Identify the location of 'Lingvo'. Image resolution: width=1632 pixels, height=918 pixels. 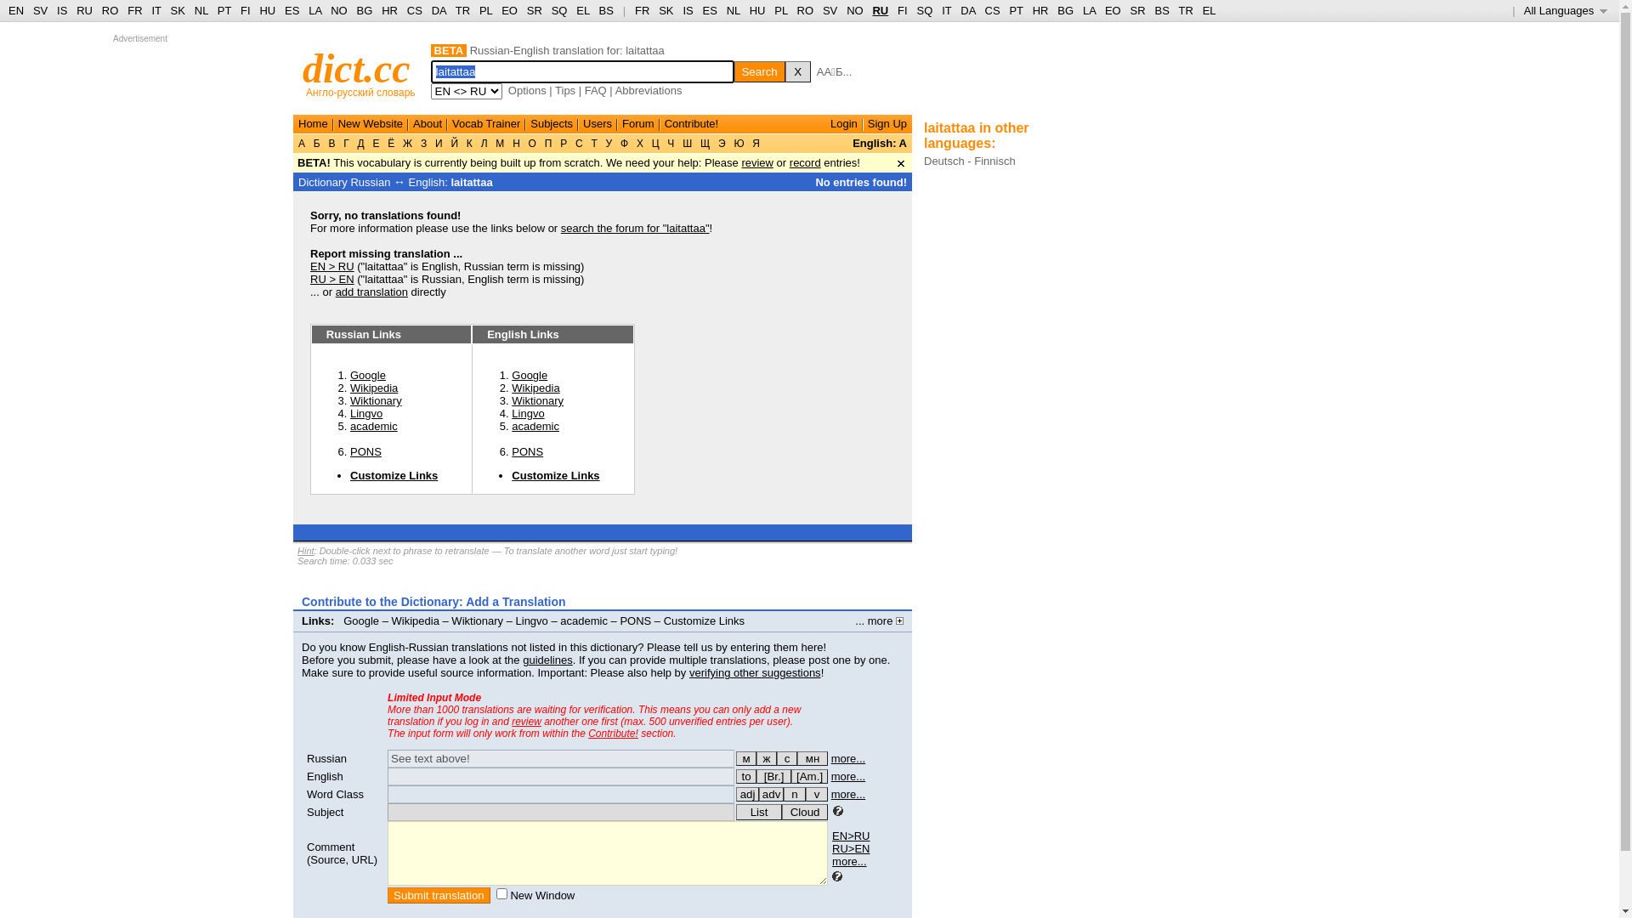
(530, 620).